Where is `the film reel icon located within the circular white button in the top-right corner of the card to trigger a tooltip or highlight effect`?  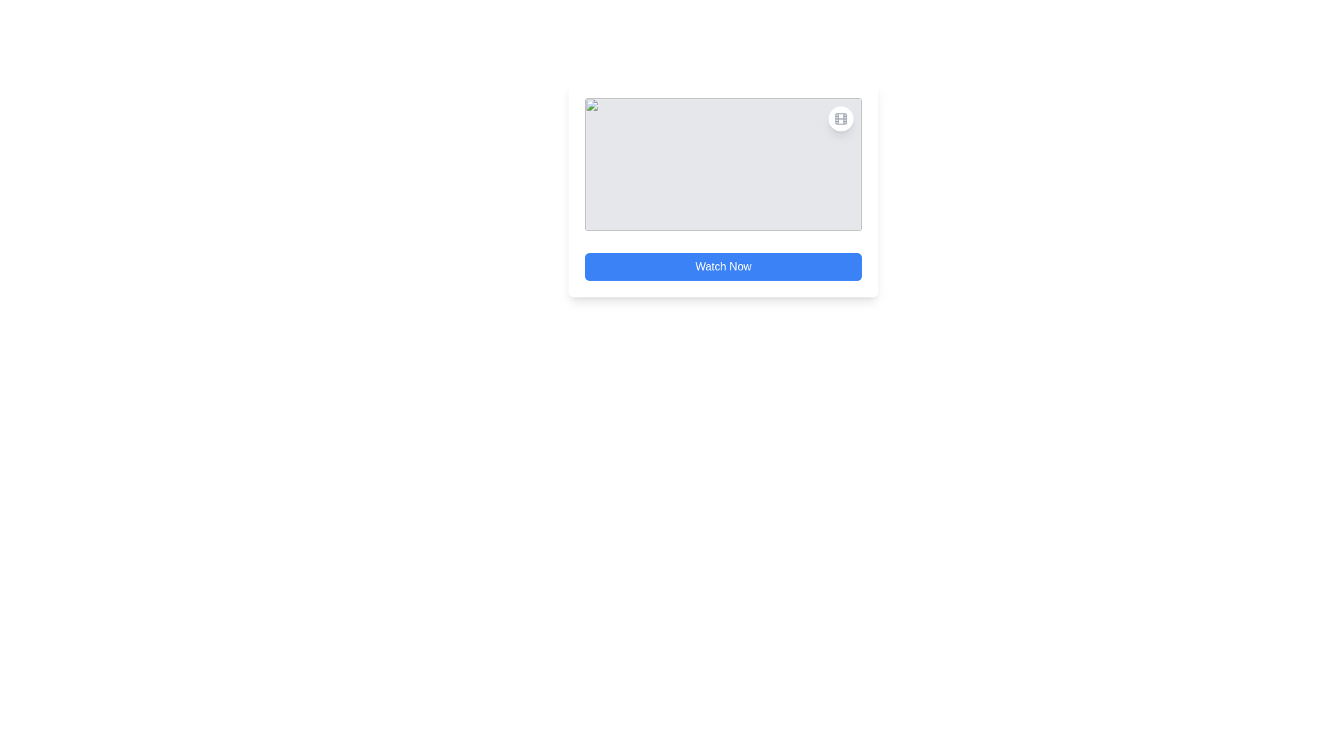 the film reel icon located within the circular white button in the top-right corner of the card to trigger a tooltip or highlight effect is located at coordinates (840, 118).